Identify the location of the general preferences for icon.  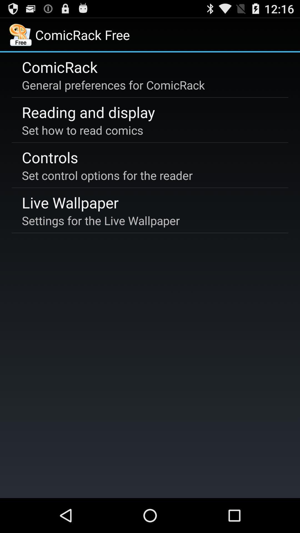
(113, 85).